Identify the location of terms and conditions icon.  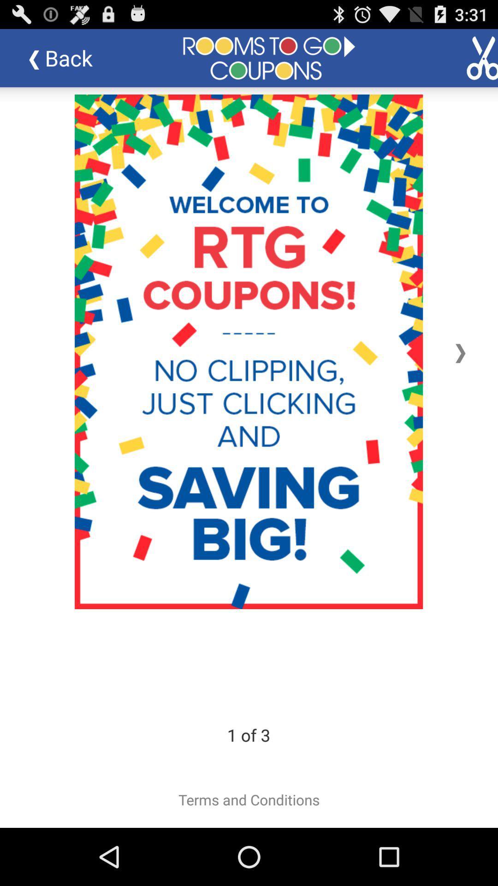
(249, 799).